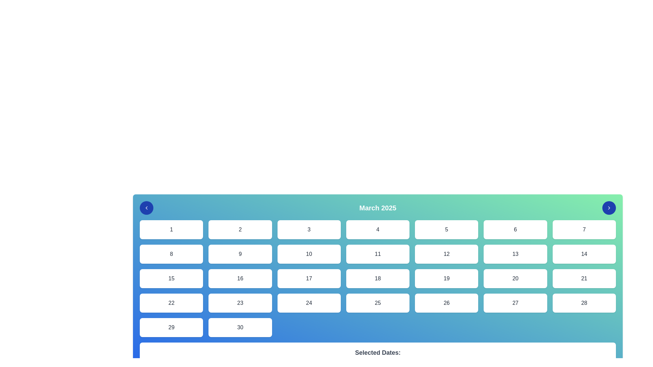 The width and height of the screenshot is (653, 367). What do you see at coordinates (377, 302) in the screenshot?
I see `the calendar date button labeled '25'` at bounding box center [377, 302].